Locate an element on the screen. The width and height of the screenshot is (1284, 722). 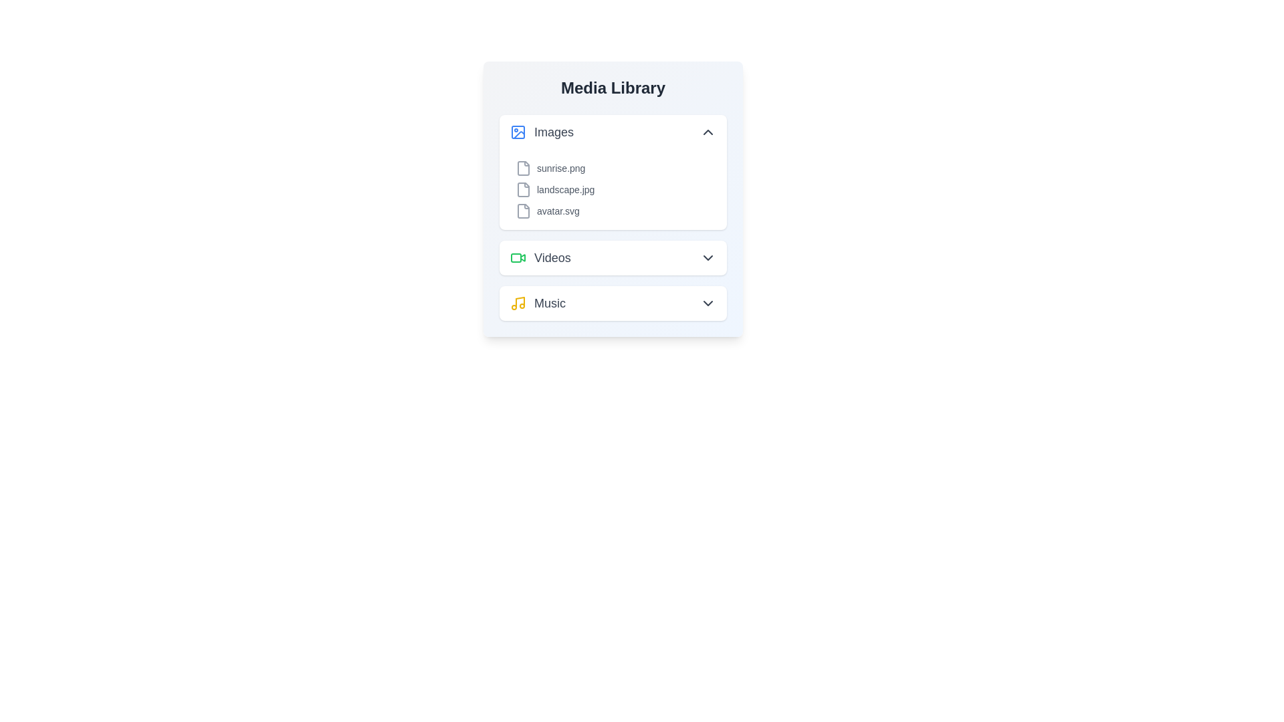
the text label displaying 'Videos' located in the second row of the 'Media Library' section, which has a green video icon to the left and a dropdown arrow to the right is located at coordinates (552, 257).